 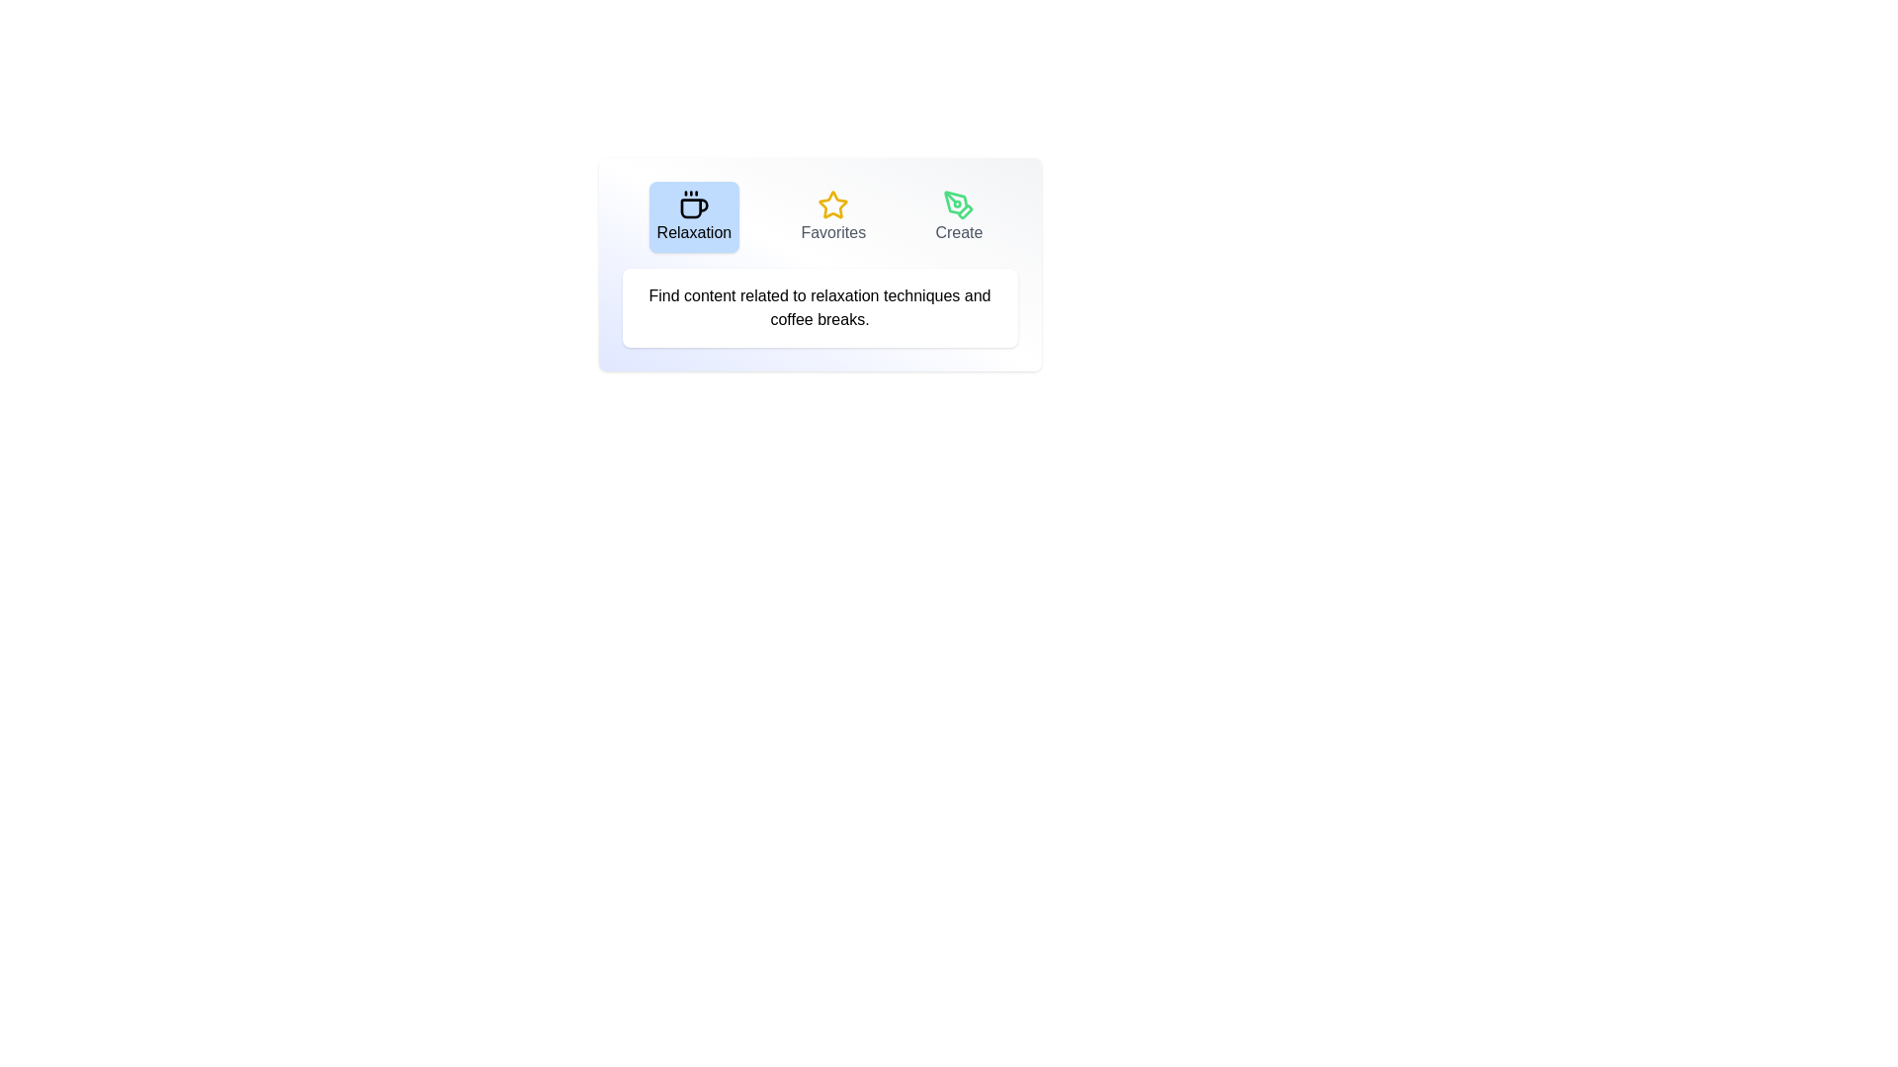 I want to click on the 'Relaxation' tab button to view its content, so click(x=693, y=216).